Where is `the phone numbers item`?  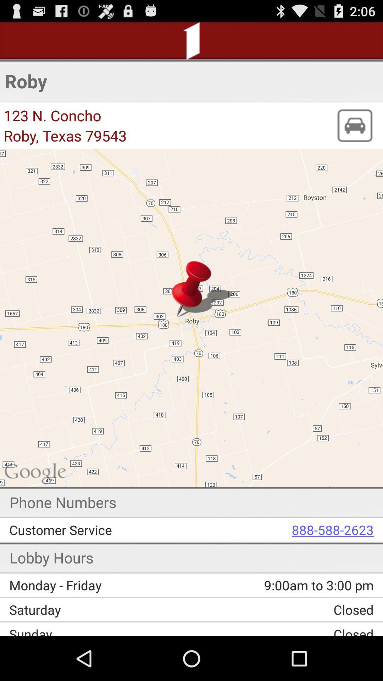 the phone numbers item is located at coordinates (62, 502).